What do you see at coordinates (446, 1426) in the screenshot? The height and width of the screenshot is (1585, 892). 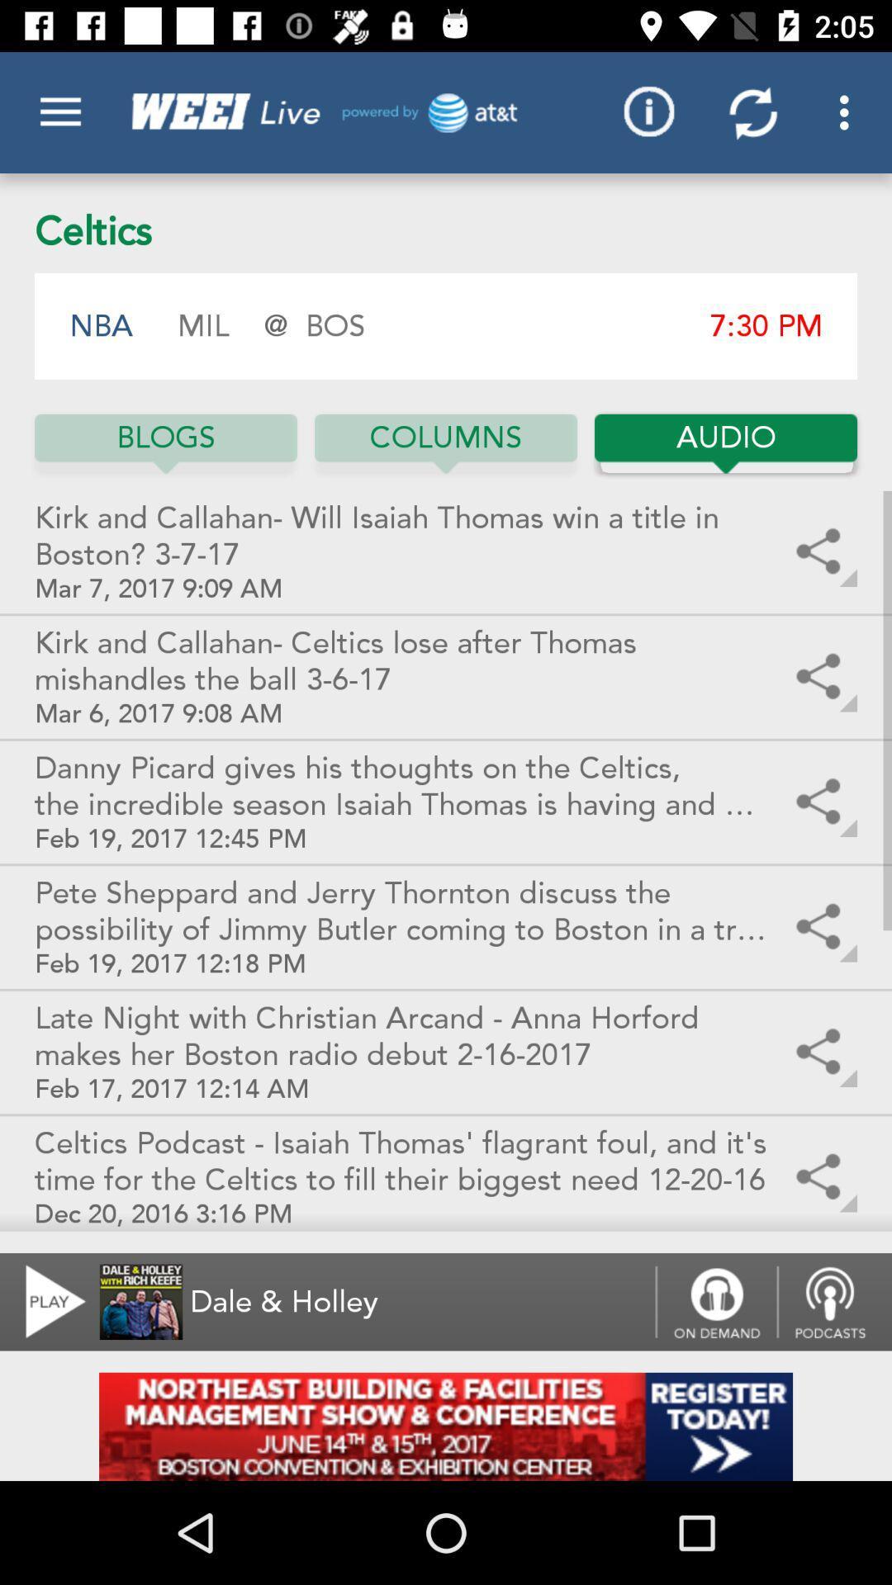 I see `addverdisment` at bounding box center [446, 1426].